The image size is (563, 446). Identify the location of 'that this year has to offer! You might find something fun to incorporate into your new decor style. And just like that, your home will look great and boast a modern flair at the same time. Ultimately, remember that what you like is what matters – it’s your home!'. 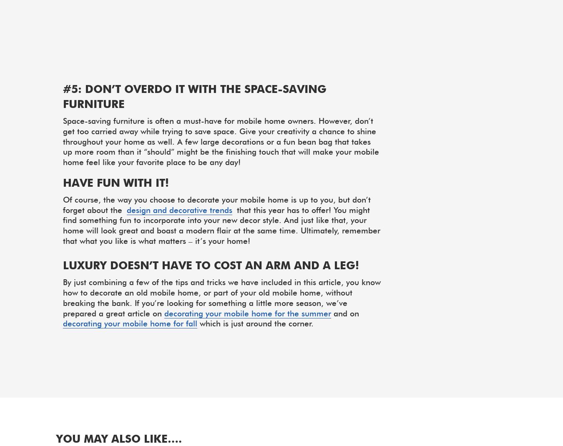
(221, 225).